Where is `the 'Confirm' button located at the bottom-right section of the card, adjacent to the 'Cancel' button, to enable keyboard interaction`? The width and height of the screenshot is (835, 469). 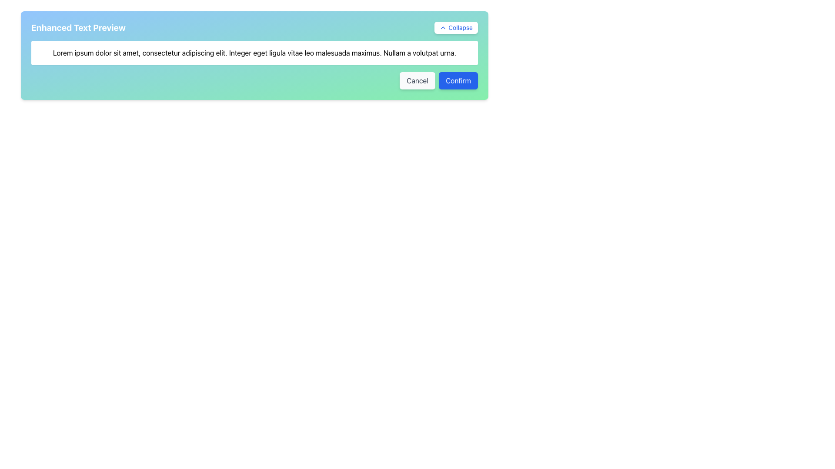
the 'Confirm' button located at the bottom-right section of the card, adjacent to the 'Cancel' button, to enable keyboard interaction is located at coordinates (458, 80).